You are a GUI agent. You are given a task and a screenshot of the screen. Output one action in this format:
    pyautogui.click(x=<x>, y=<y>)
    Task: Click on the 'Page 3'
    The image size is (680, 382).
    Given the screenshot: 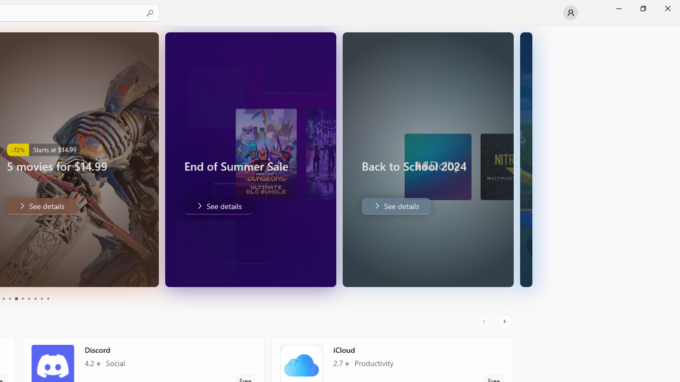 What is the action you would take?
    pyautogui.click(x=3, y=299)
    